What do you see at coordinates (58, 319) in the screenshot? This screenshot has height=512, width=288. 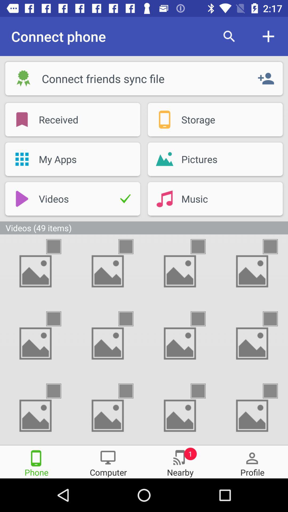 I see `the picture` at bounding box center [58, 319].